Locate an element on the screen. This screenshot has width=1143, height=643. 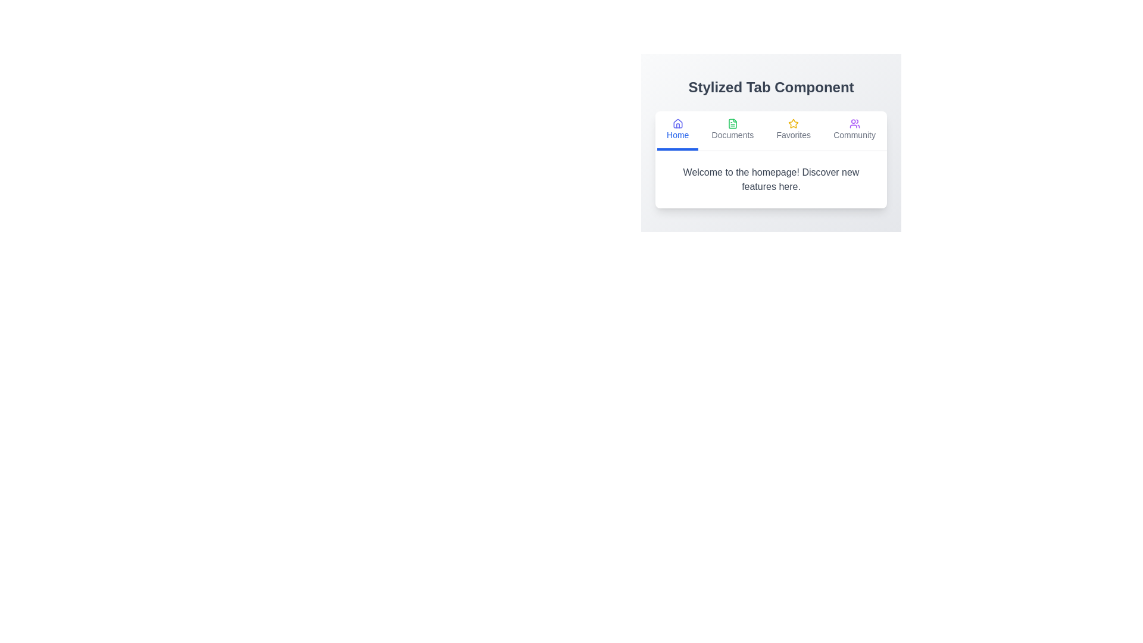
the 'Documents' text label in the navigation bar is located at coordinates (731, 135).